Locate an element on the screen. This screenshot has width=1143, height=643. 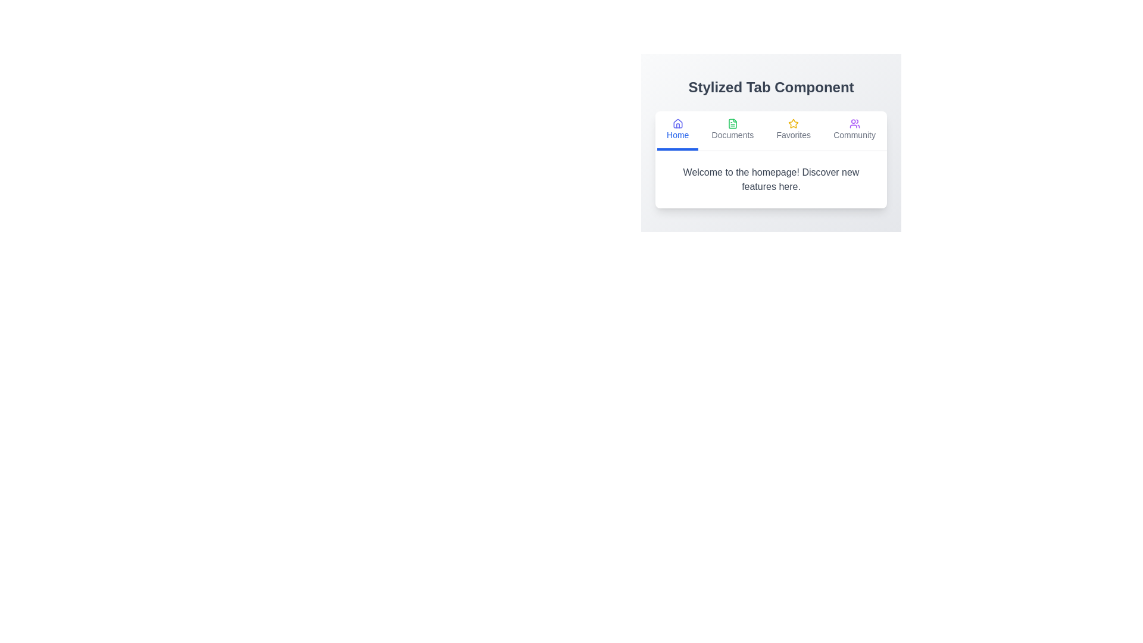
the 'Documents' text label in the navigation bar is located at coordinates (731, 135).